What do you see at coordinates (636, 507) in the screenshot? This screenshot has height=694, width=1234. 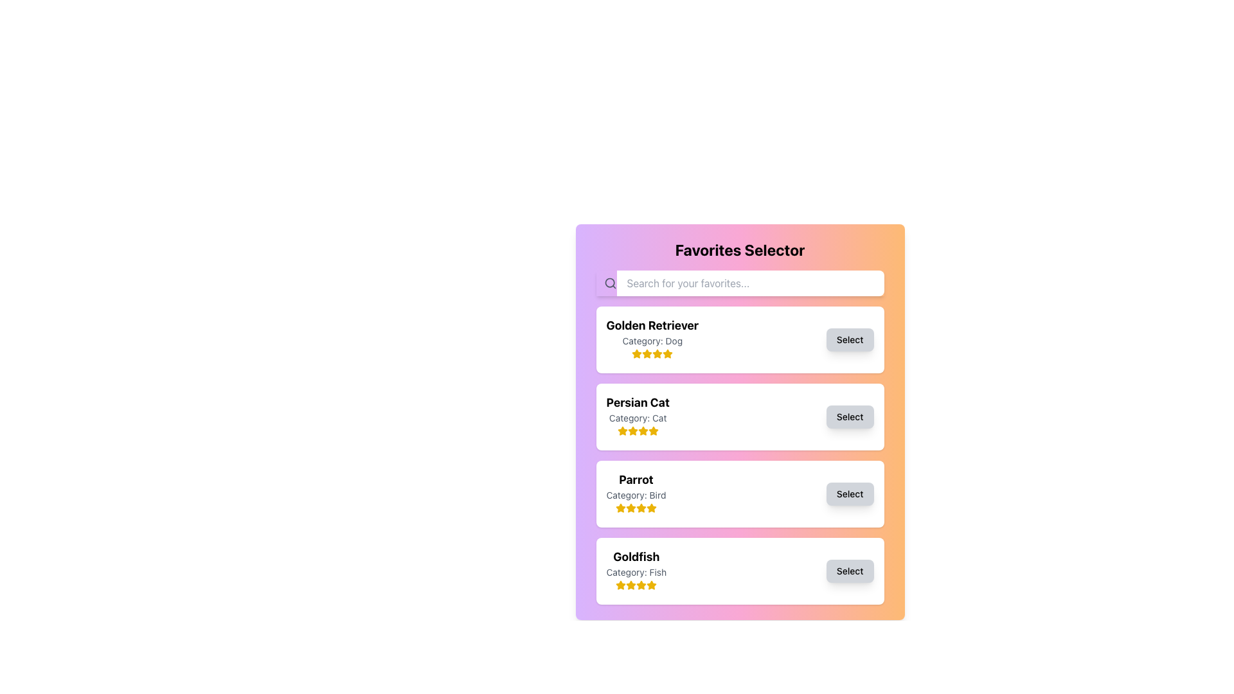 I see `the highlighted yellow star icon, which is the third star in a row of five under the 'Parrot' category section` at bounding box center [636, 507].